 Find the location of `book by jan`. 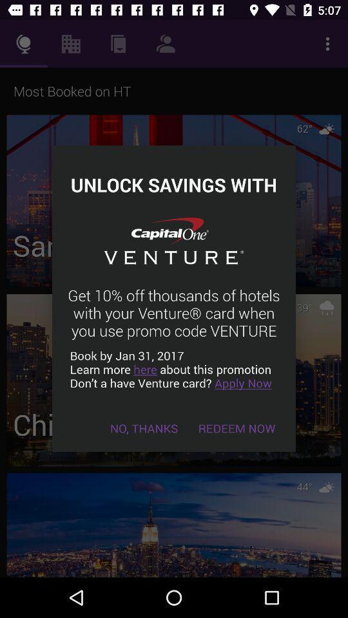

book by jan is located at coordinates (174, 369).